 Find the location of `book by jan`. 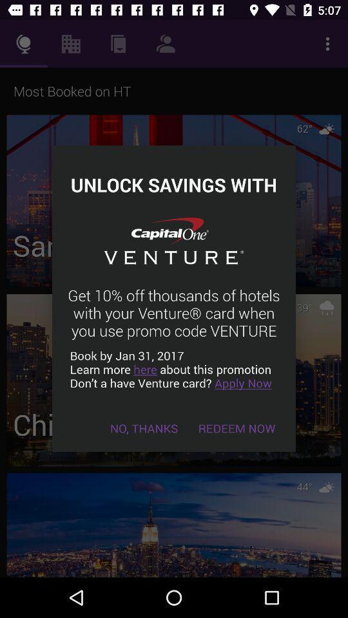

book by jan is located at coordinates (174, 369).